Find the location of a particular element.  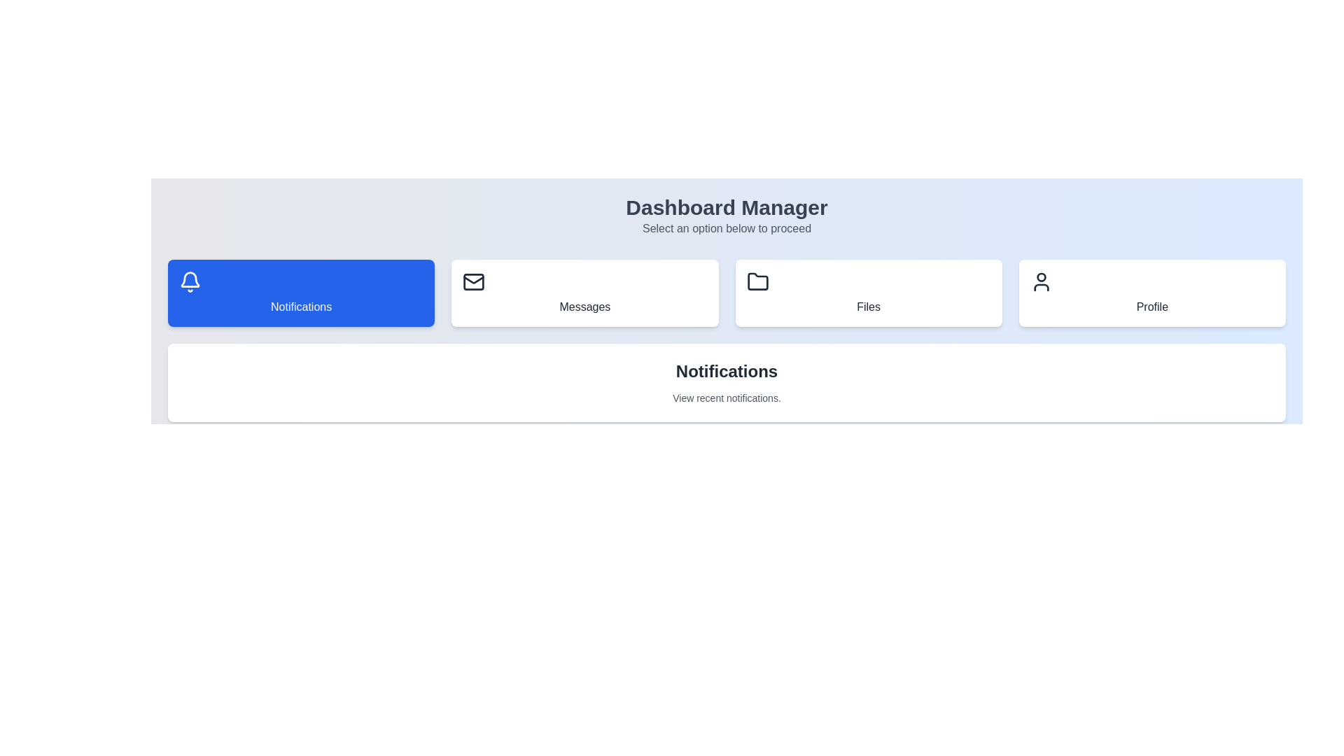

the Graphical Icon within the 'Profile' button, which is the rightmost option in the interface, positioned above the 'Profile' text label is located at coordinates (1041, 281).